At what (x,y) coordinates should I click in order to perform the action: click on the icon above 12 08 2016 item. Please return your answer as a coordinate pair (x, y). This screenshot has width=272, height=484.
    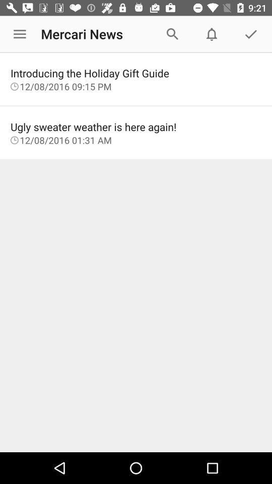
    Looking at the image, I should click on (136, 73).